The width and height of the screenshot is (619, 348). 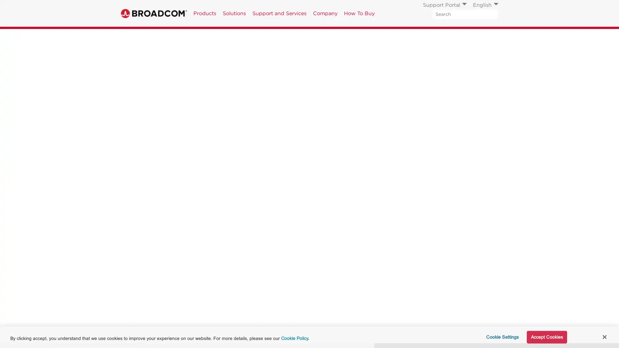 I want to click on Company, so click(x=325, y=13).